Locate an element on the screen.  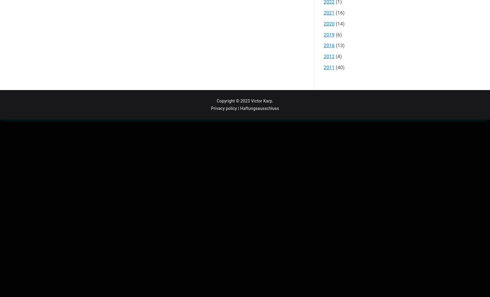
'(13)' is located at coordinates (339, 45).